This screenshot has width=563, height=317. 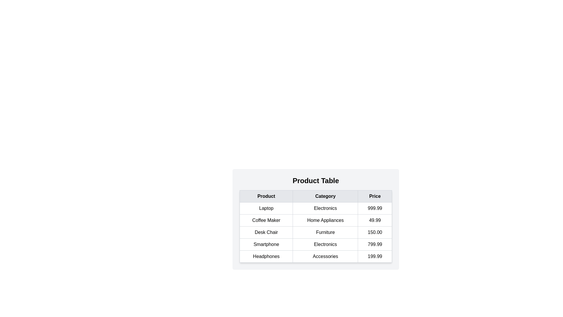 What do you see at coordinates (315, 220) in the screenshot?
I see `the second row in the product detail table displaying 'Coffee Maker', 'Home Appliances', and '49.99'` at bounding box center [315, 220].